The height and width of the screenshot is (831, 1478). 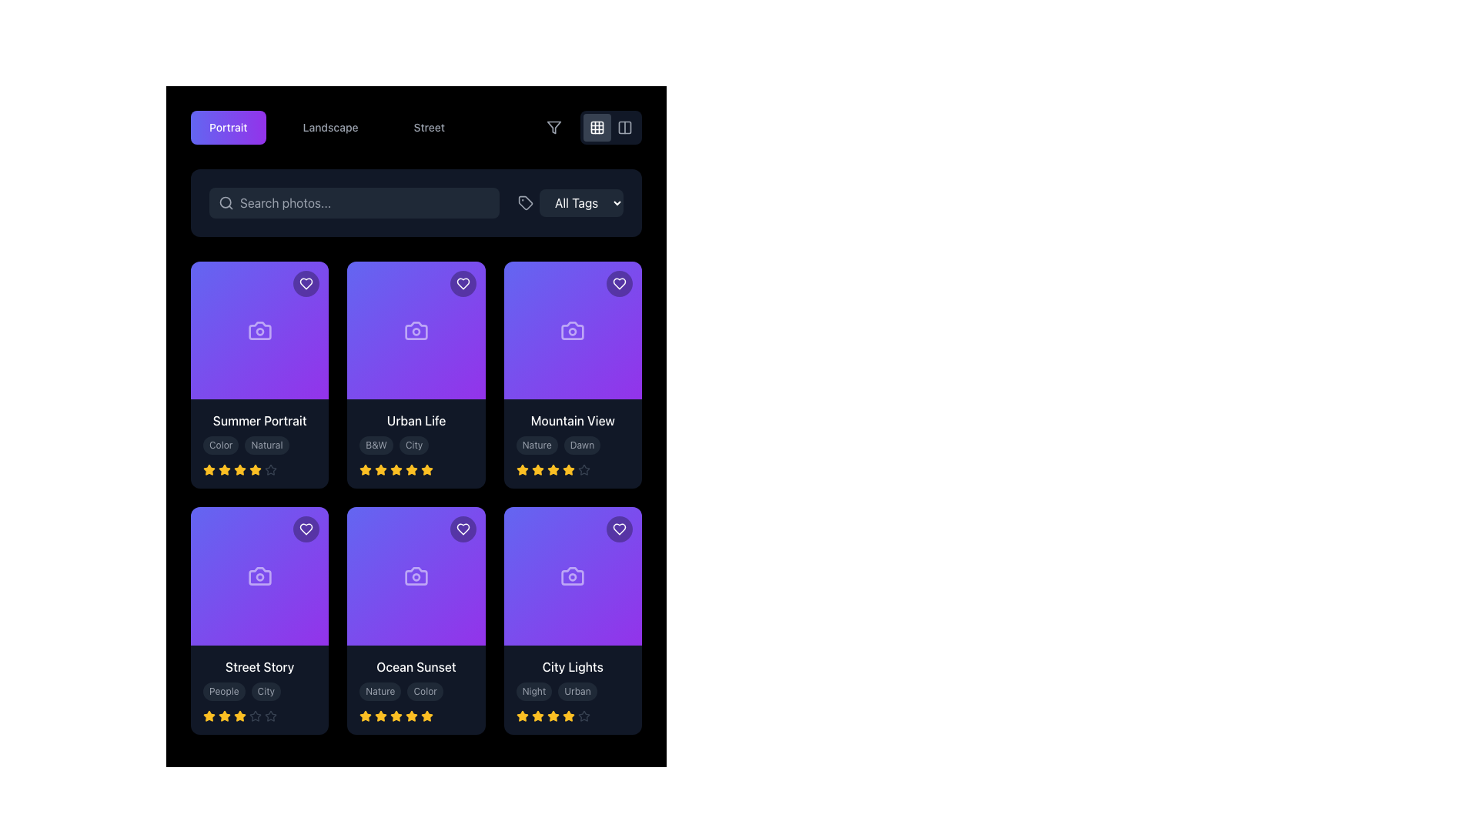 What do you see at coordinates (259, 444) in the screenshot?
I see `the 'Color' and 'Natural' tags styled as rounded background elements located below the title 'Summer Portrait' in the first card of the grid layout` at bounding box center [259, 444].